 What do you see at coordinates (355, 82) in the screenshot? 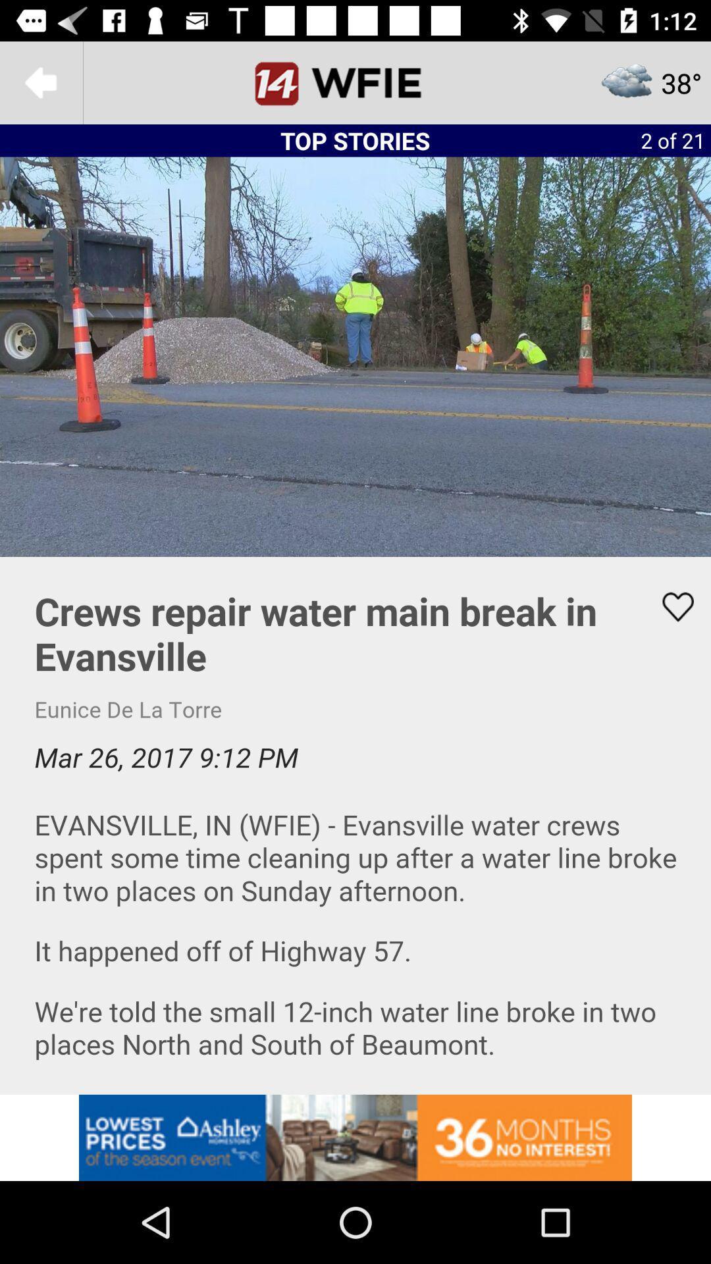
I see `title banner` at bounding box center [355, 82].